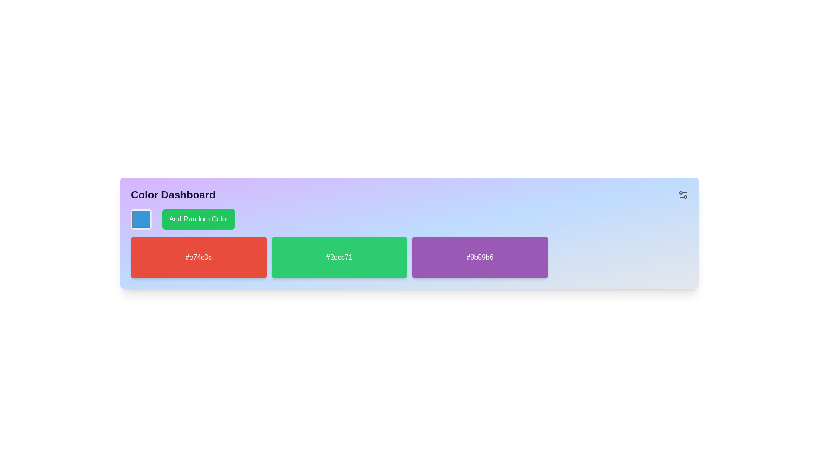 This screenshot has height=469, width=835. I want to click on the display card with a green background color '#2ecc71' that is positioned between the red and purple cards in the bottom section of the interface, so click(339, 257).